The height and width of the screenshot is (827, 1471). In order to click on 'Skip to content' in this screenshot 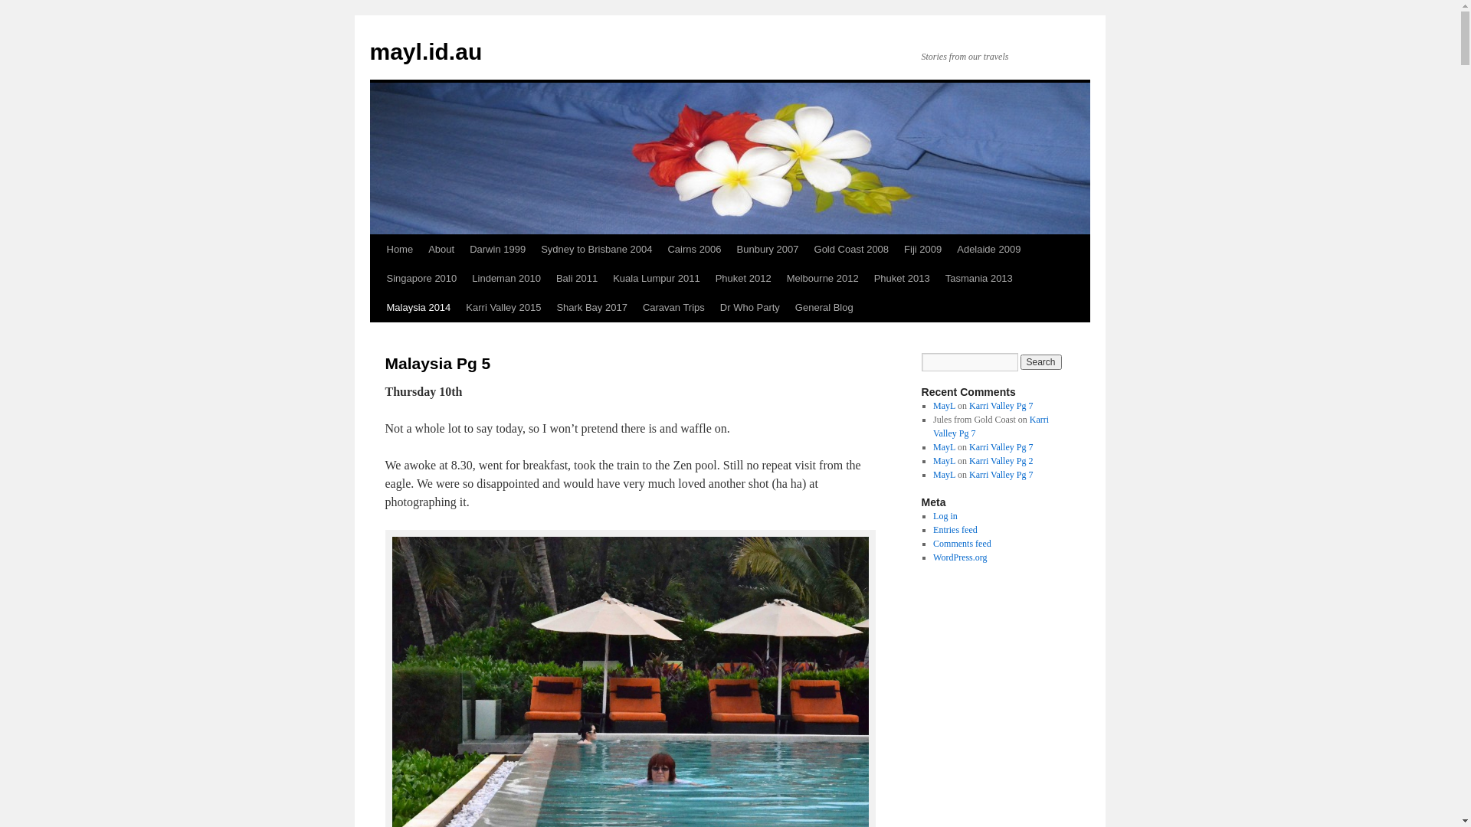, I will do `click(376, 277)`.